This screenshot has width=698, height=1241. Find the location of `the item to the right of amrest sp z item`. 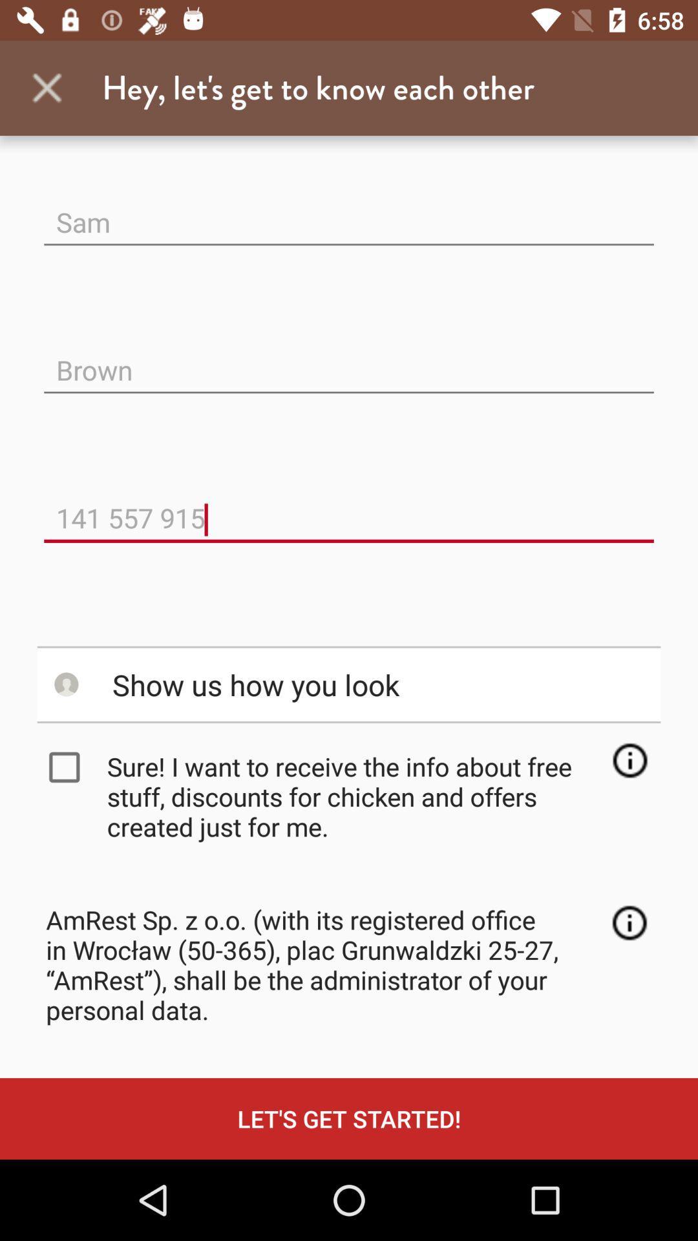

the item to the right of amrest sp z item is located at coordinates (629, 922).